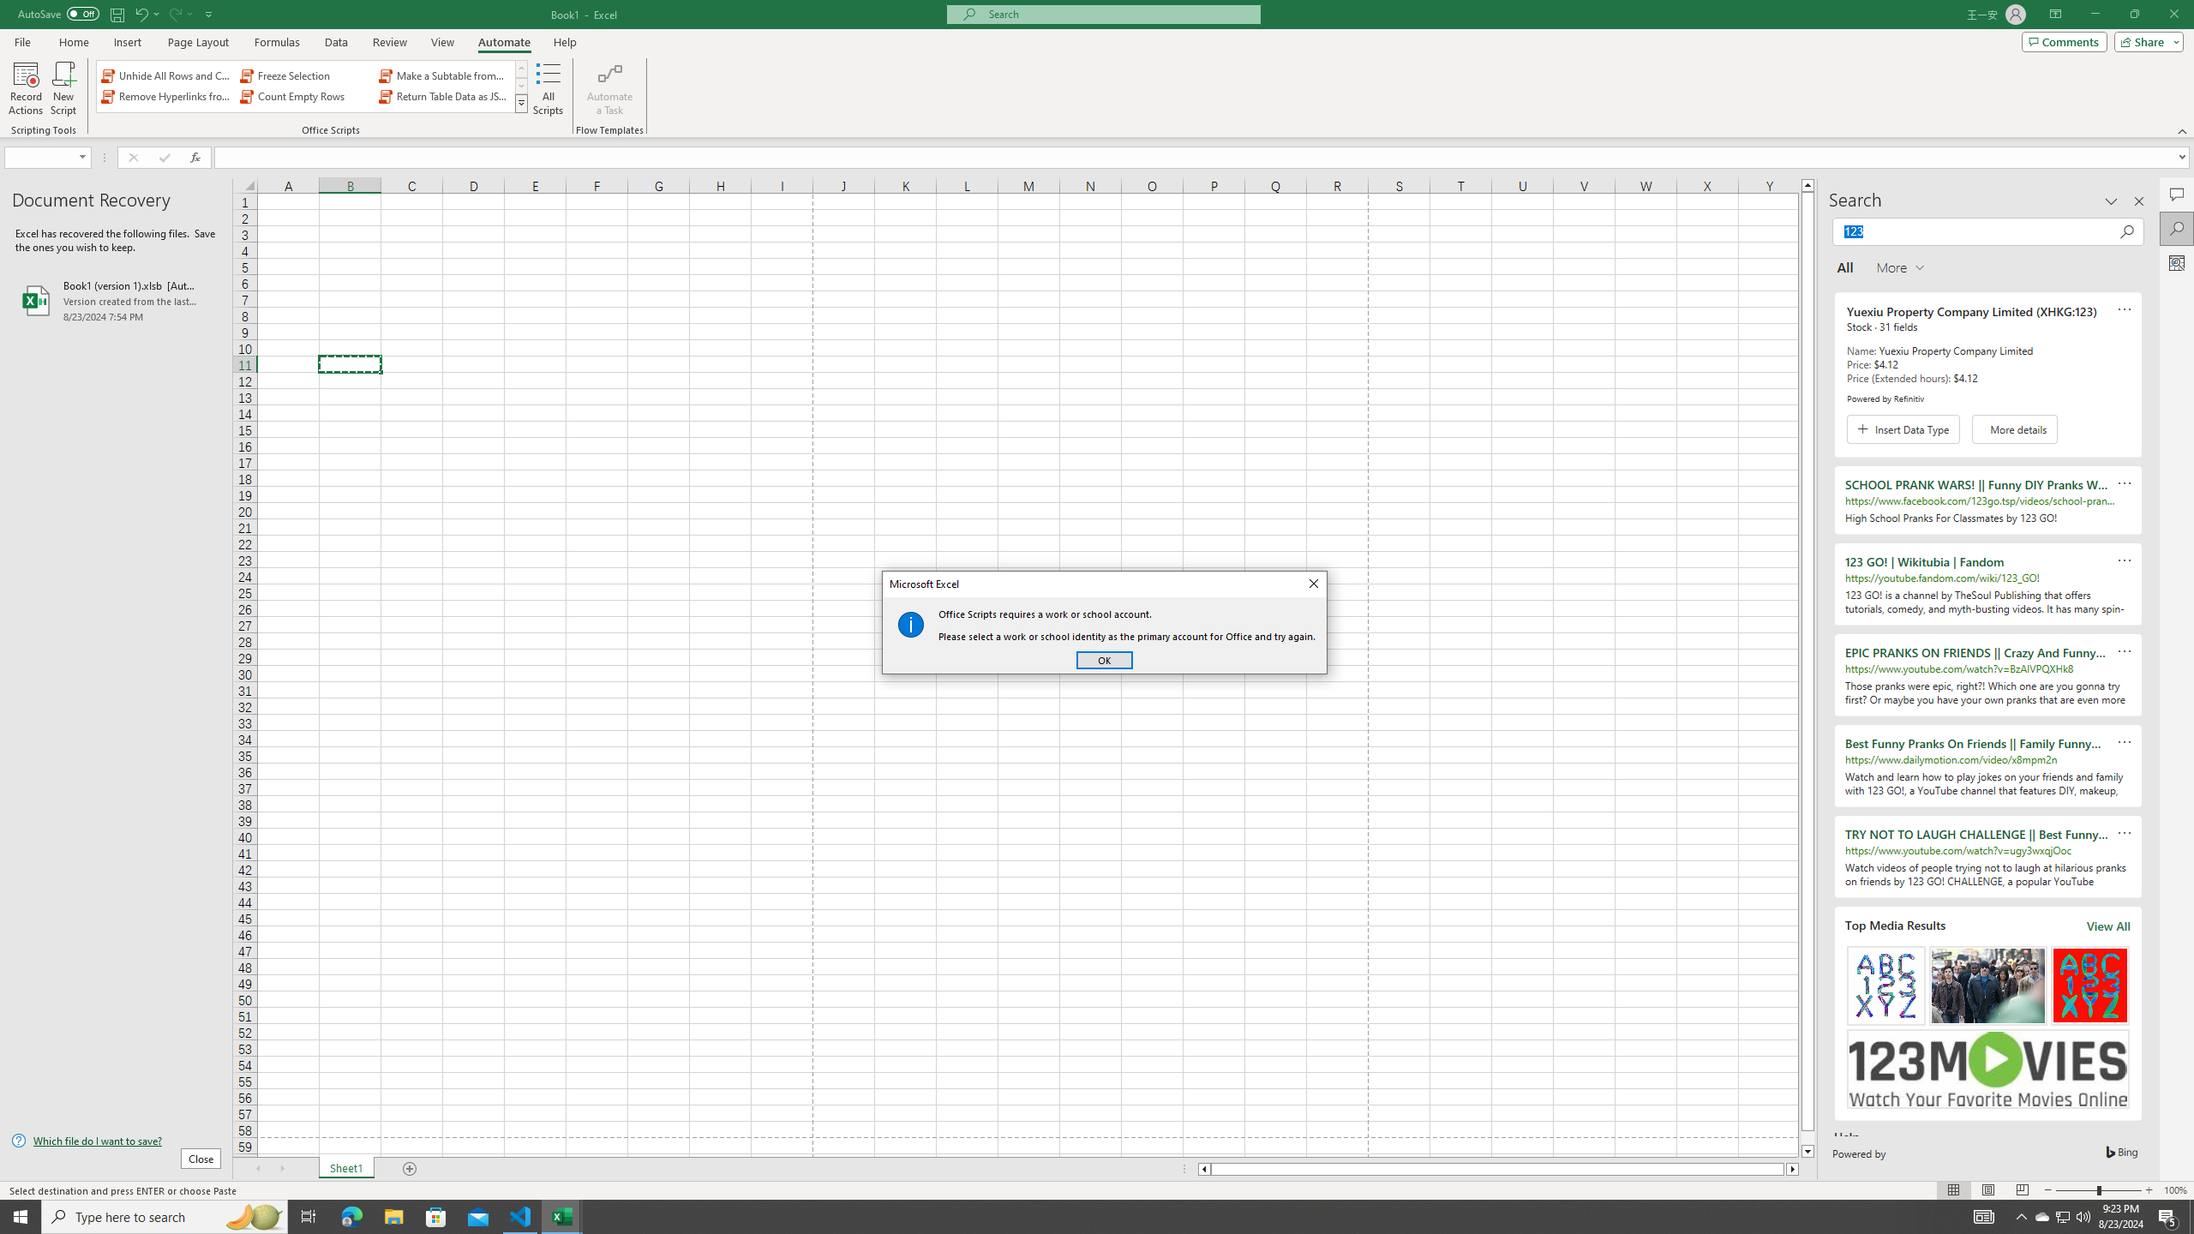 Image resolution: width=2194 pixels, height=1234 pixels. What do you see at coordinates (1202, 1168) in the screenshot?
I see `'Column left'` at bounding box center [1202, 1168].